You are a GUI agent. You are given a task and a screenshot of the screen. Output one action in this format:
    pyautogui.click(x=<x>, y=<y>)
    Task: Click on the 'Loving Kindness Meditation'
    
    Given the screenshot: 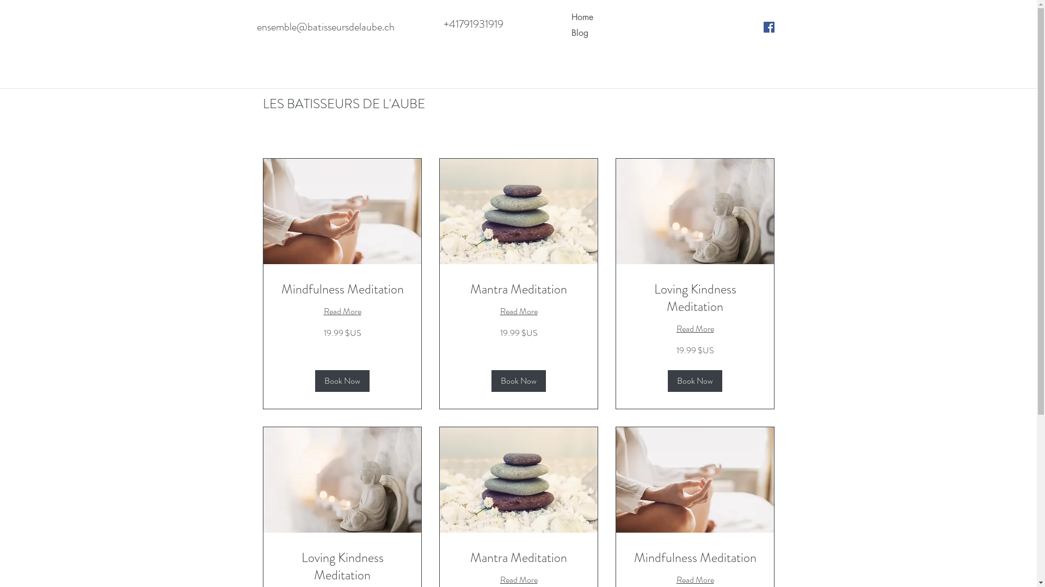 What is the action you would take?
    pyautogui.click(x=341, y=566)
    